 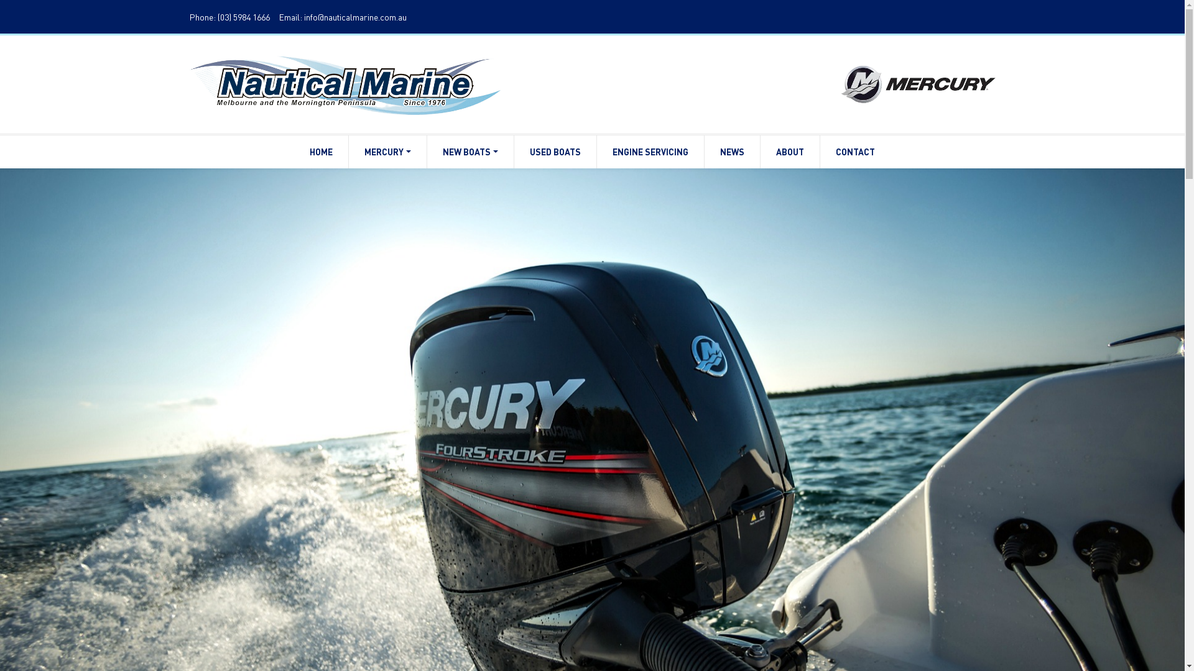 What do you see at coordinates (344, 81) in the screenshot?
I see `'...'` at bounding box center [344, 81].